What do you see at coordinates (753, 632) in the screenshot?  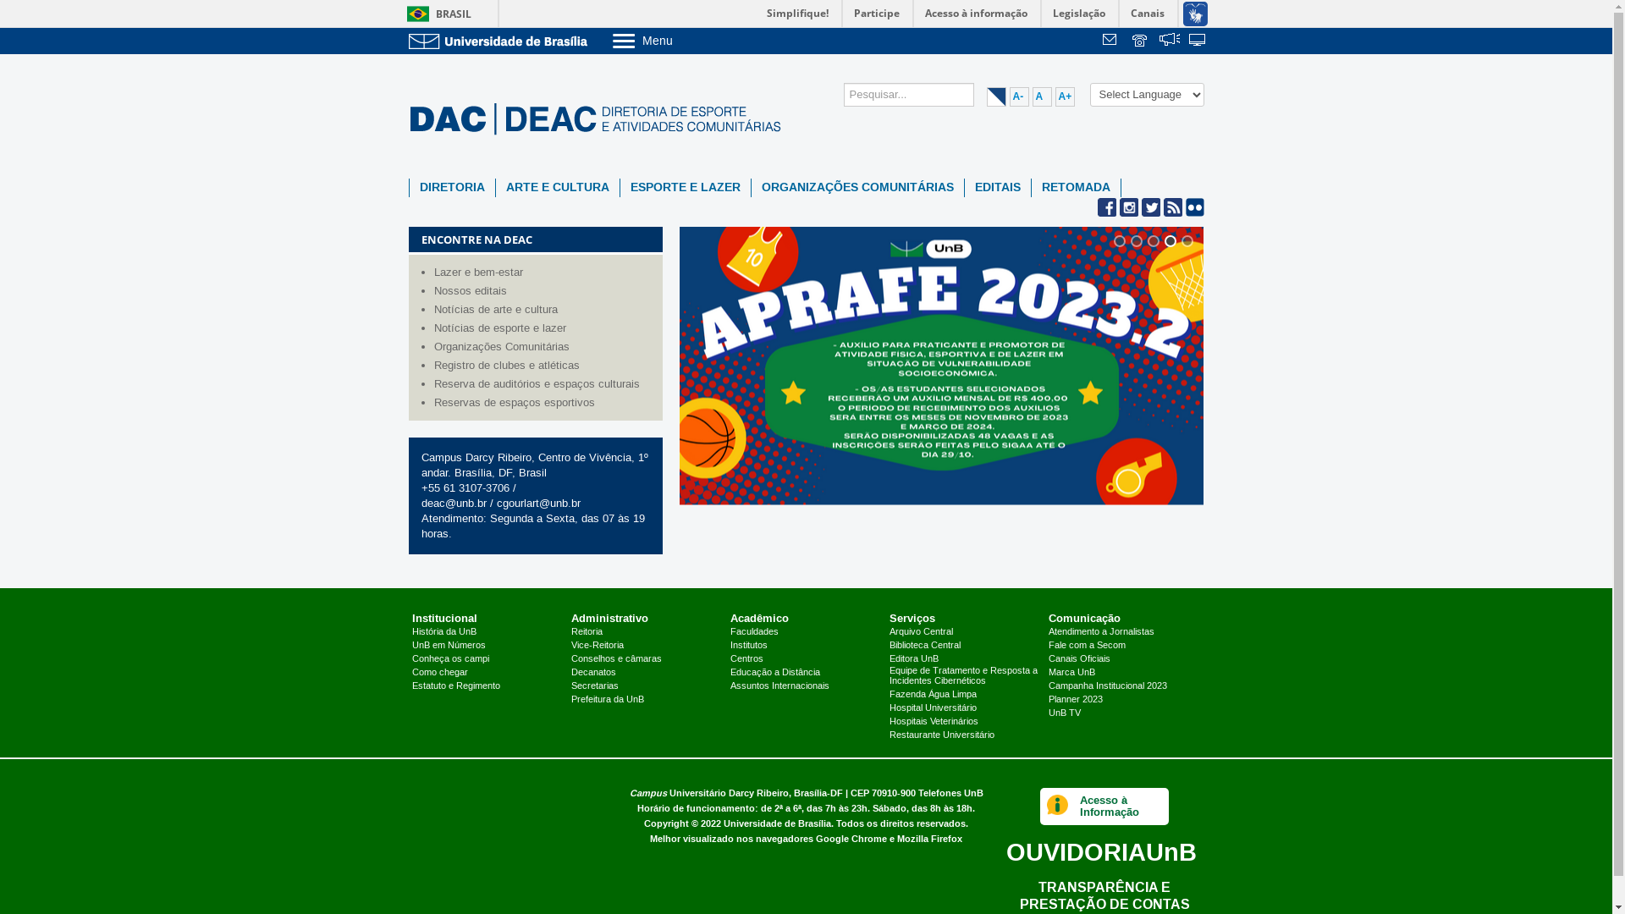 I see `'Faculdades'` at bounding box center [753, 632].